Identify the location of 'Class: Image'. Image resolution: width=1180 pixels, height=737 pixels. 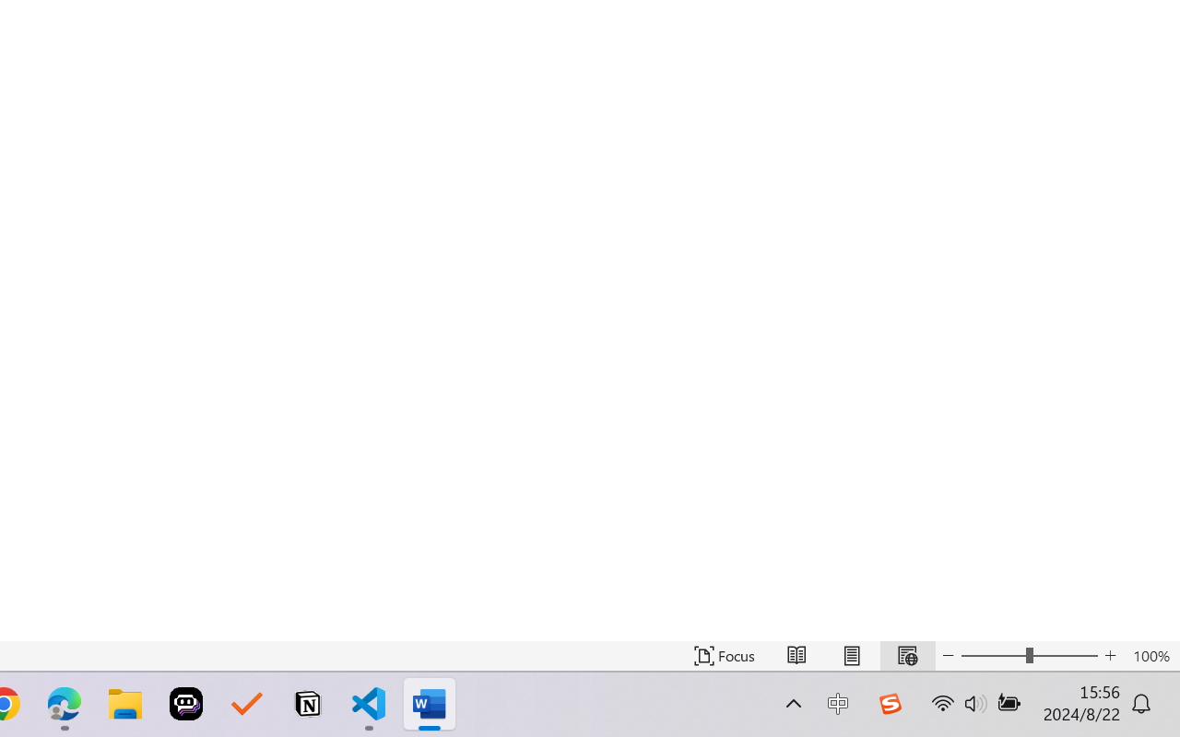
(890, 704).